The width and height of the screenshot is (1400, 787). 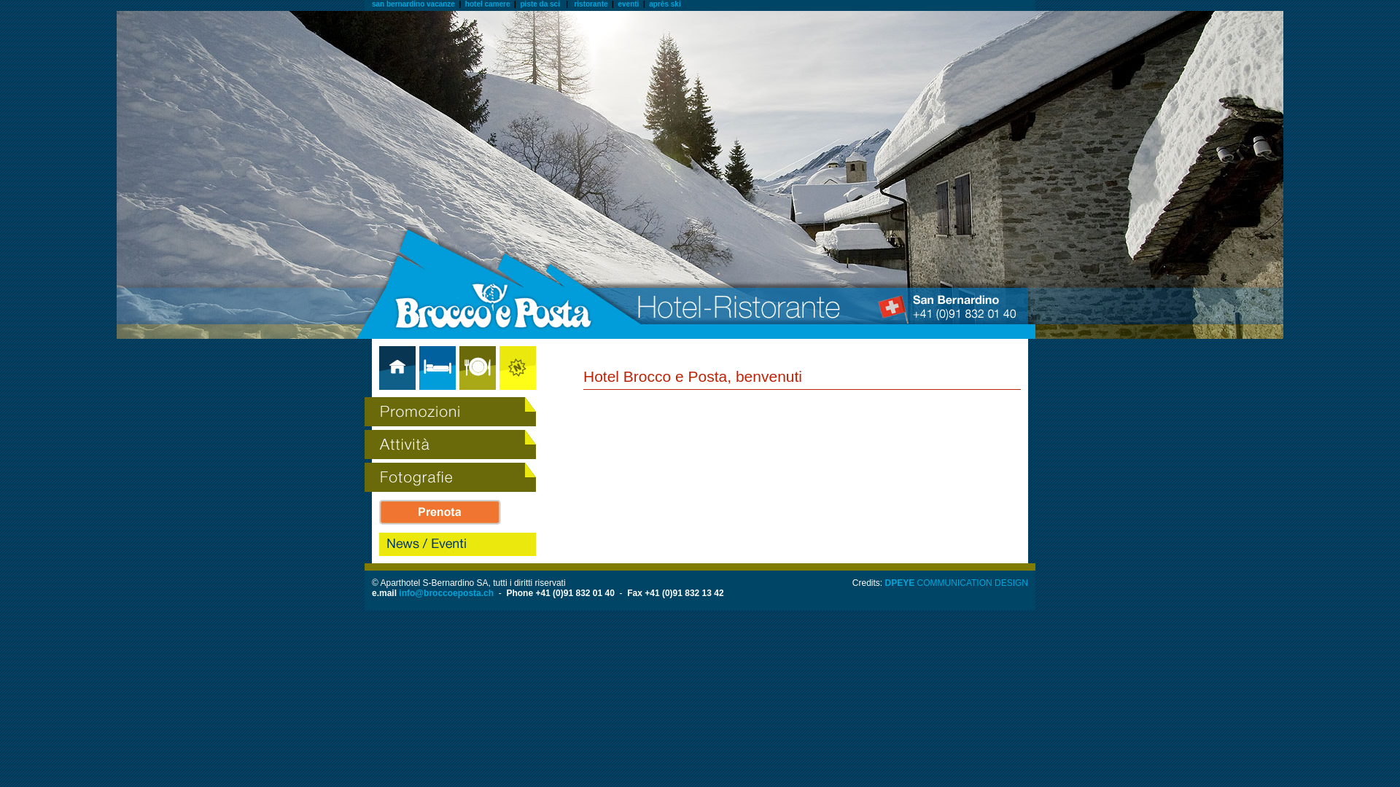 What do you see at coordinates (956, 582) in the screenshot?
I see `'DPEYE COMMUNICATION DESIGN'` at bounding box center [956, 582].